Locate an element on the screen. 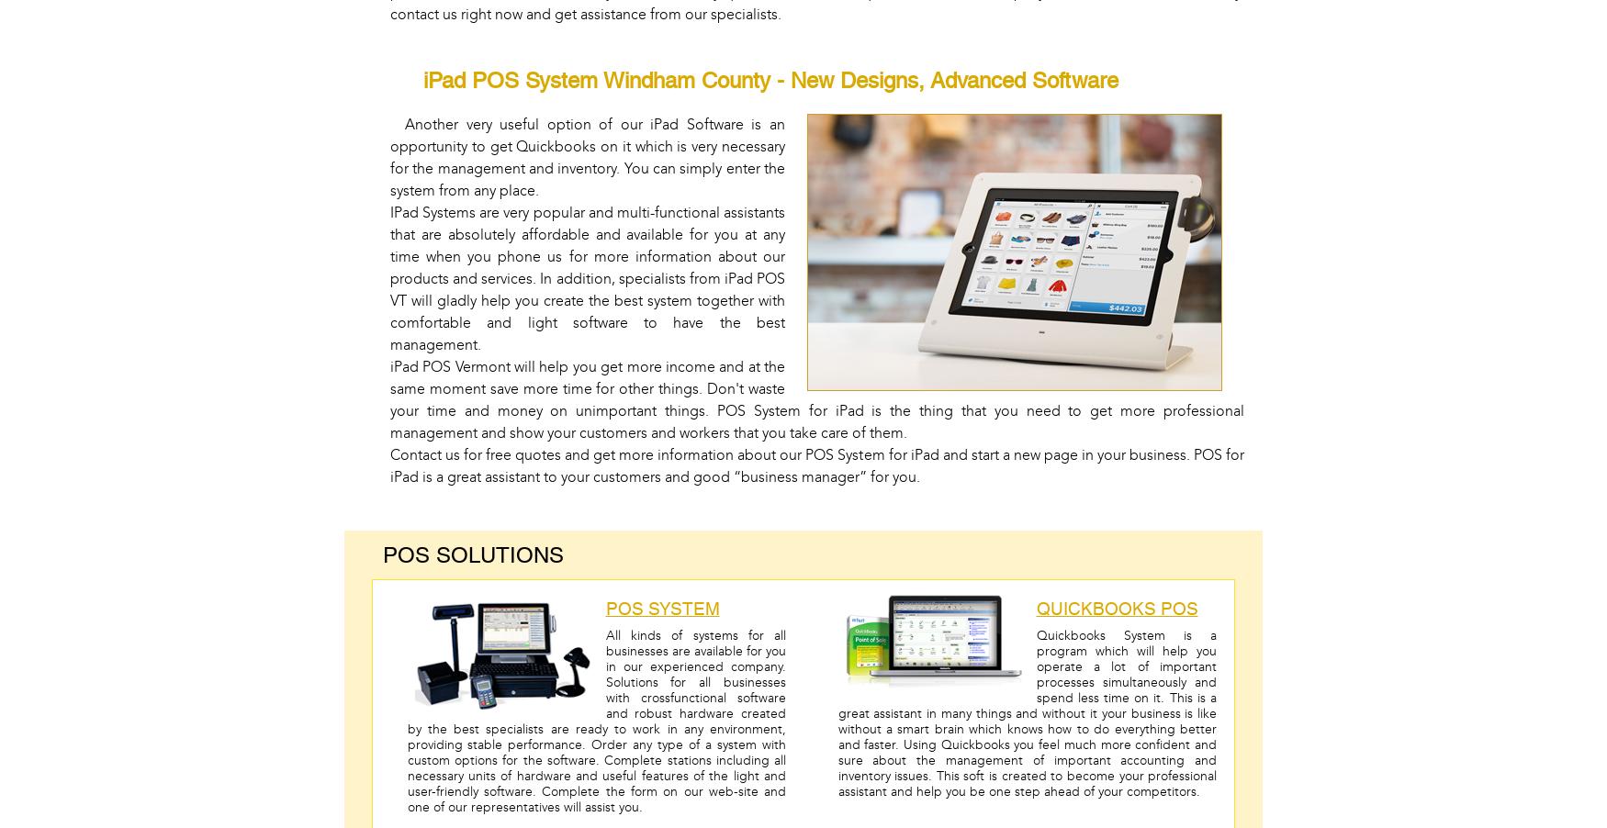  'POS Solutions' is located at coordinates (382, 554).